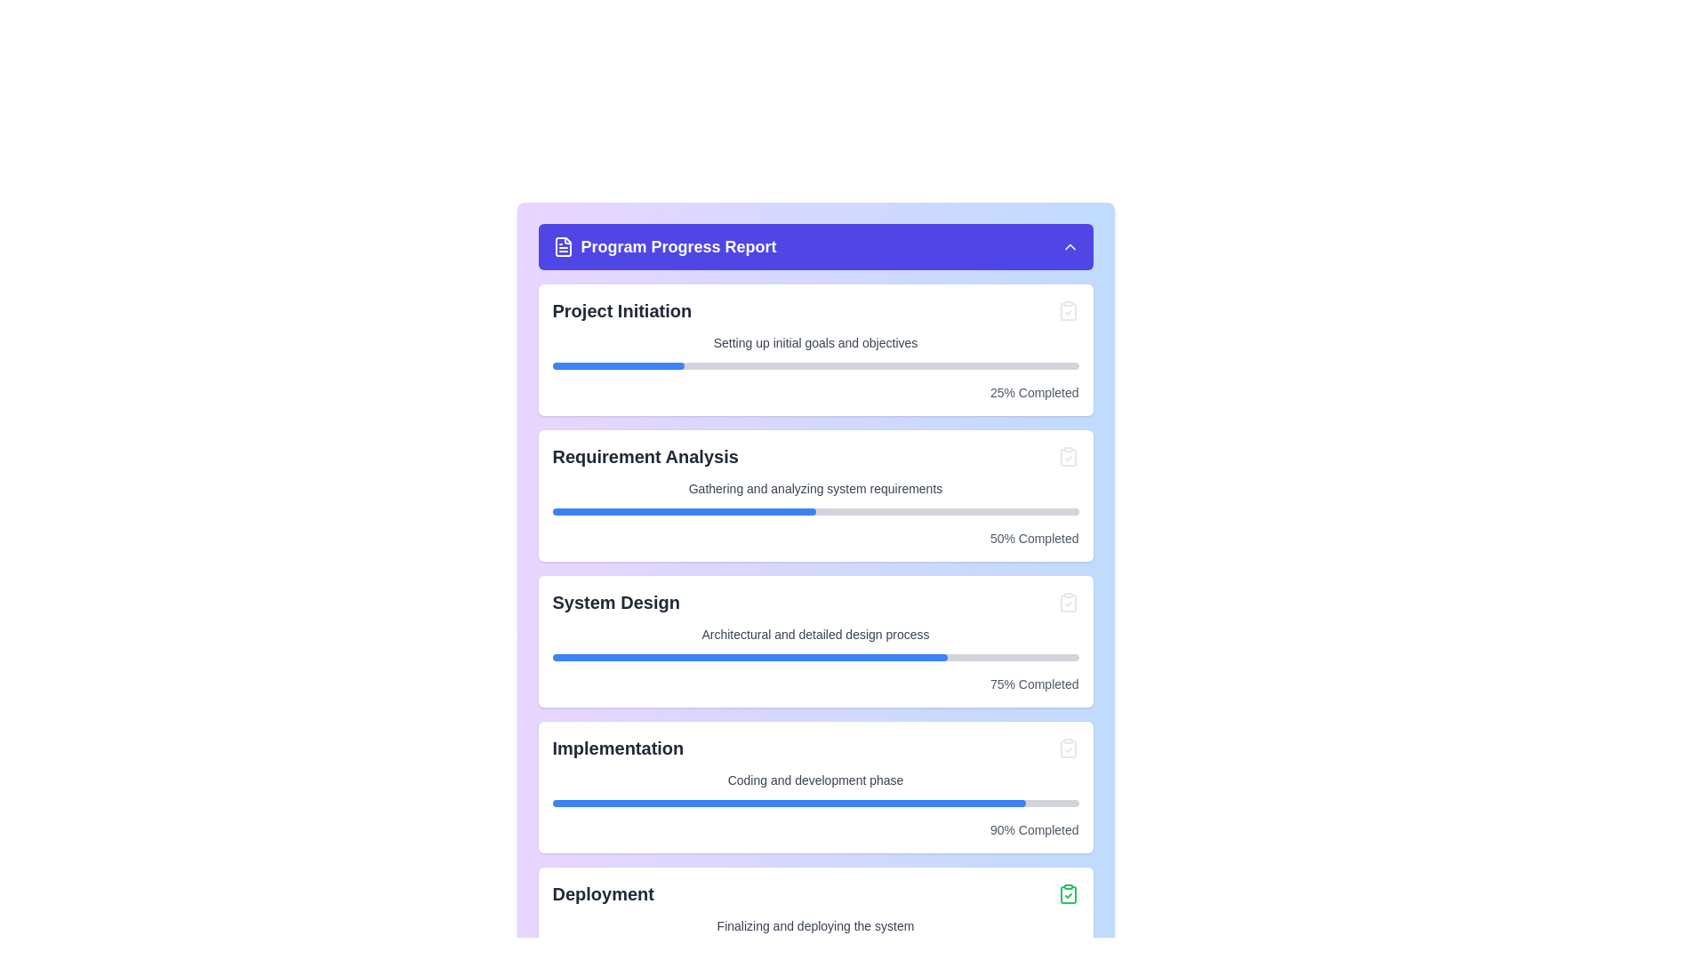  What do you see at coordinates (1069, 246) in the screenshot?
I see `the chevron-up icon in the header section labeled 'Program Progress Report'` at bounding box center [1069, 246].